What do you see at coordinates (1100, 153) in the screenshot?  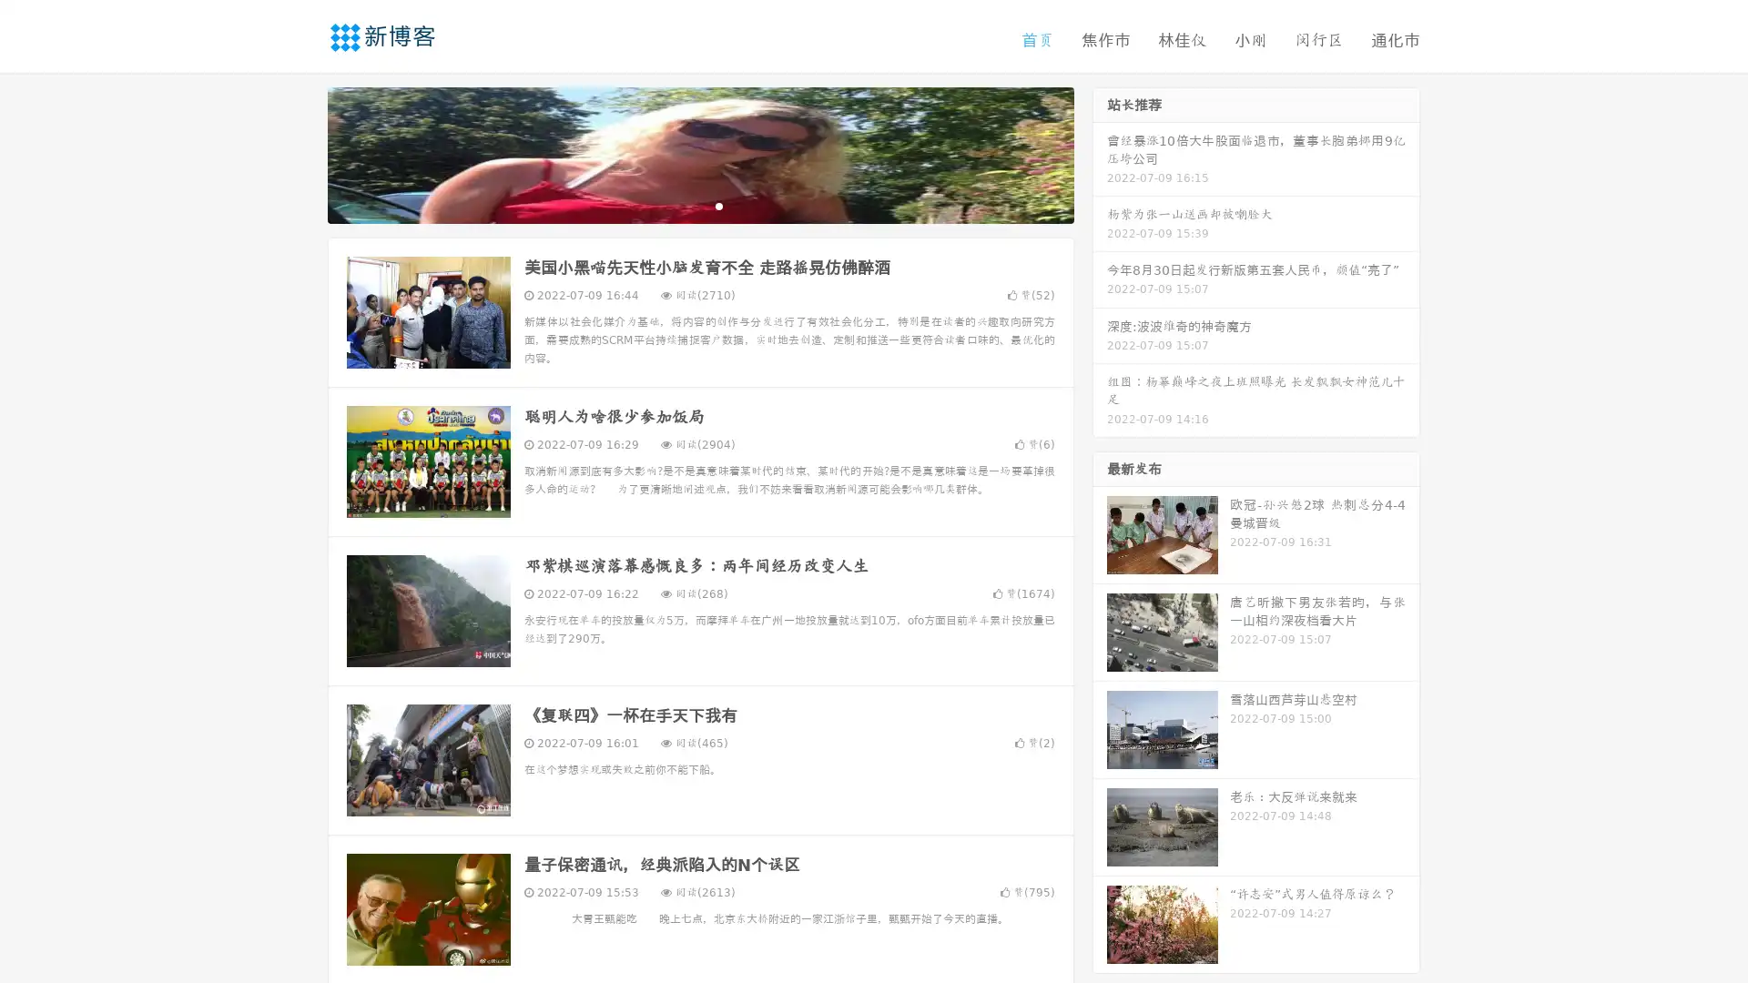 I see `Next slide` at bounding box center [1100, 153].